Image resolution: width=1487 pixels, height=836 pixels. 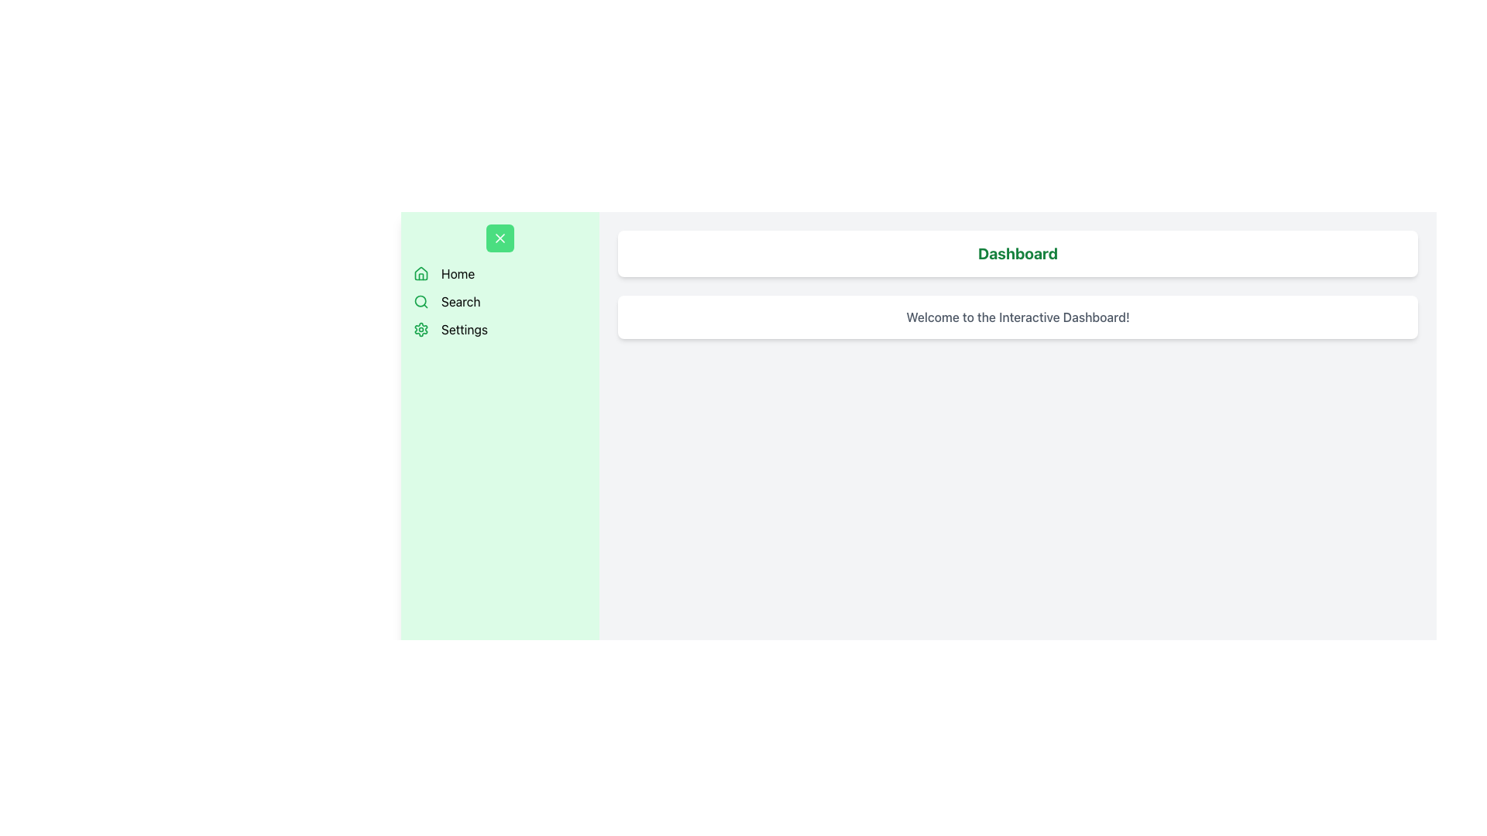 I want to click on the vector icon within the green square button located at the top of the vertical sidebar menu on the left of the interface, so click(x=500, y=238).